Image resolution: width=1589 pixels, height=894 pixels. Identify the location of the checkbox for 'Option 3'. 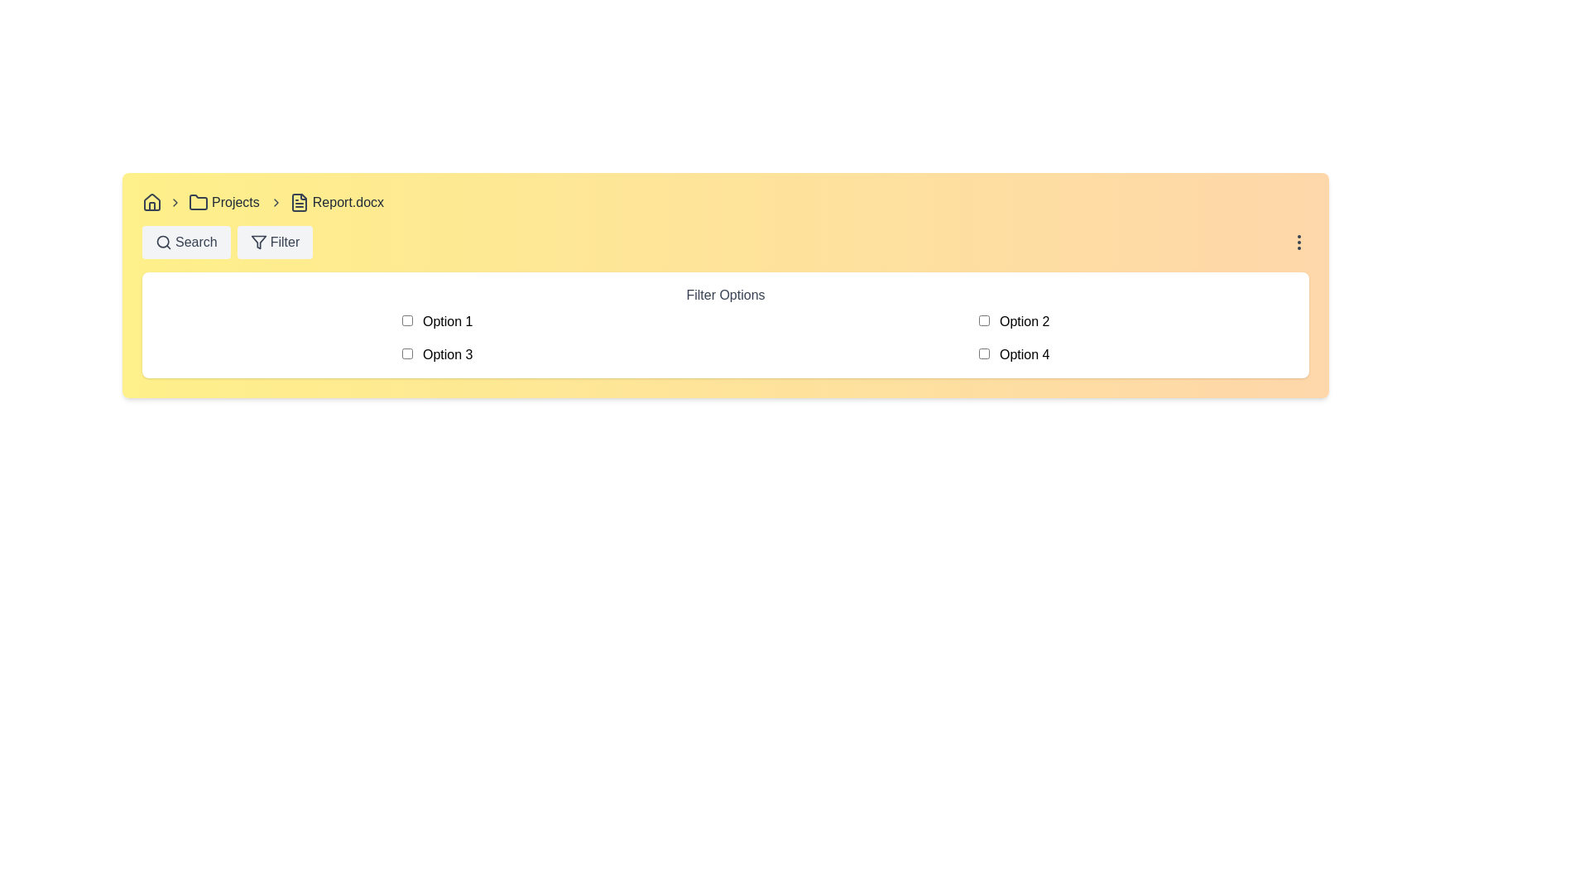
(407, 353).